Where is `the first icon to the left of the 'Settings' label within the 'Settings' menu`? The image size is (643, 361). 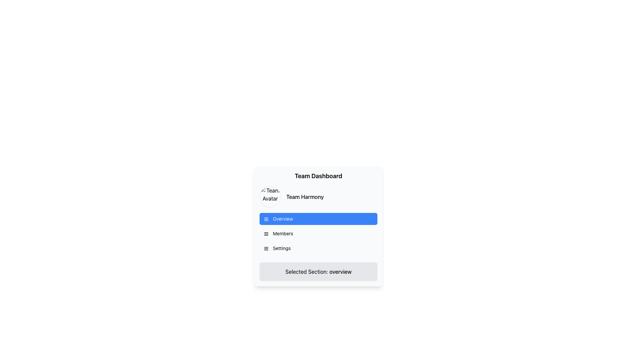
the first icon to the left of the 'Settings' label within the 'Settings' menu is located at coordinates (266, 249).